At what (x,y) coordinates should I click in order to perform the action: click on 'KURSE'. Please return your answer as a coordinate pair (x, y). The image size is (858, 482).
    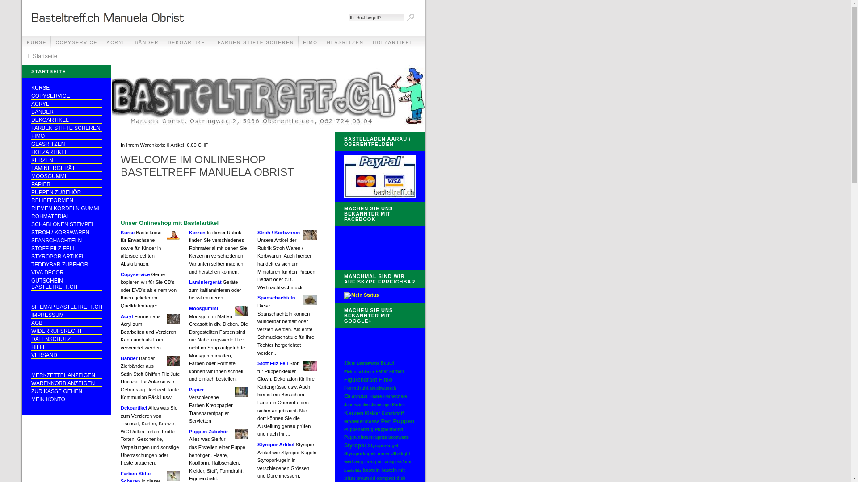
    Looking at the image, I should click on (36, 43).